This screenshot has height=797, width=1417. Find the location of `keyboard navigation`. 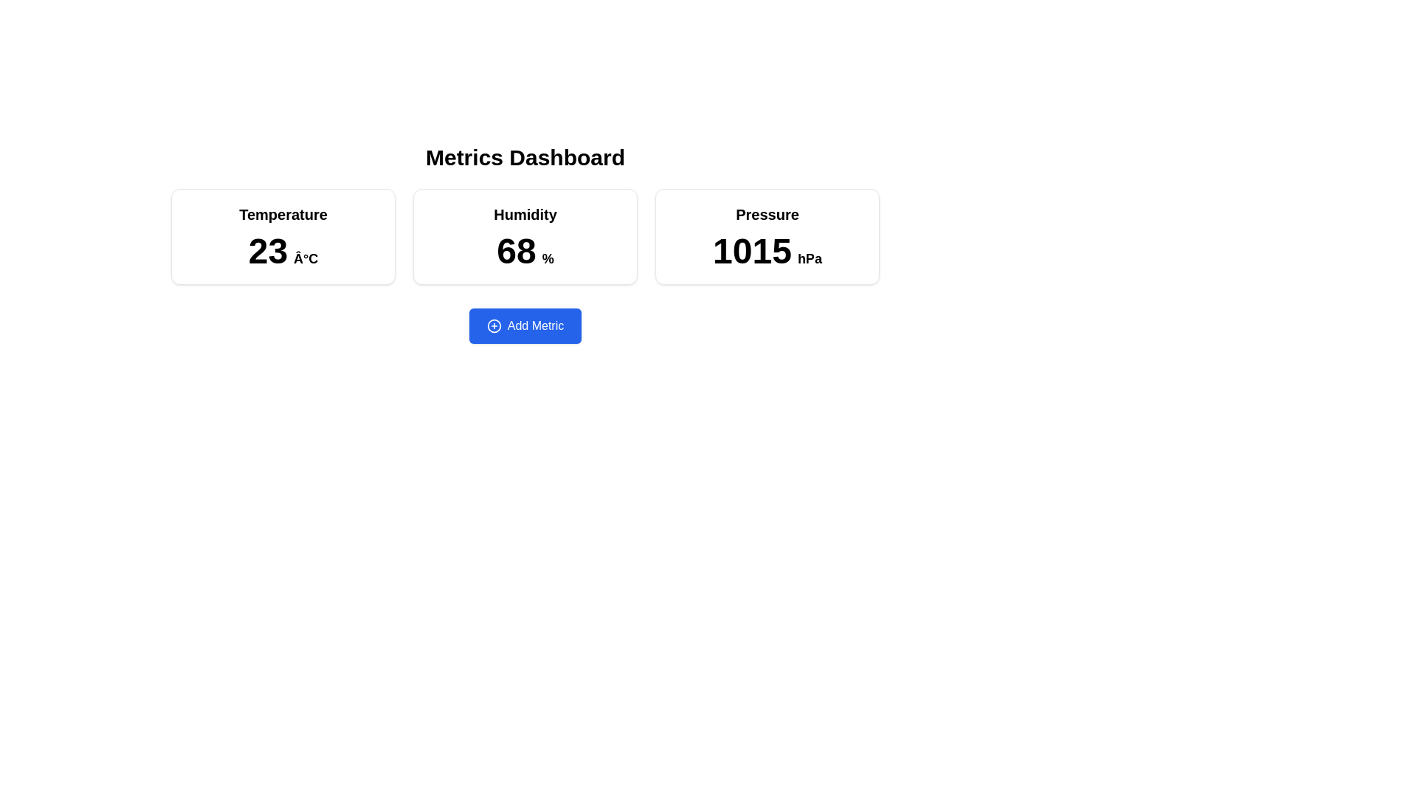

keyboard navigation is located at coordinates (525, 325).